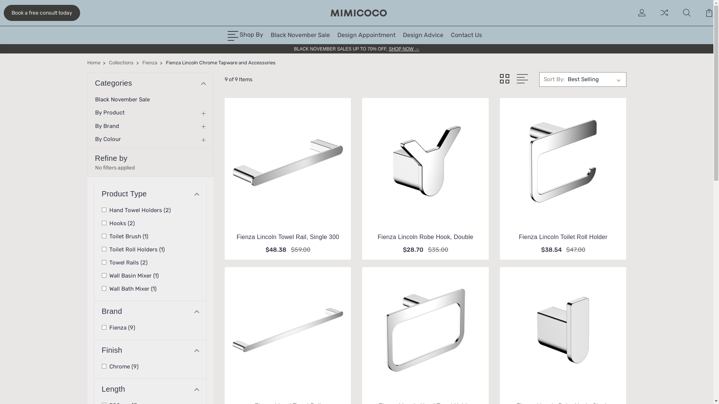 The width and height of the screenshot is (719, 404). I want to click on 'Chrome (9)', so click(101, 366).